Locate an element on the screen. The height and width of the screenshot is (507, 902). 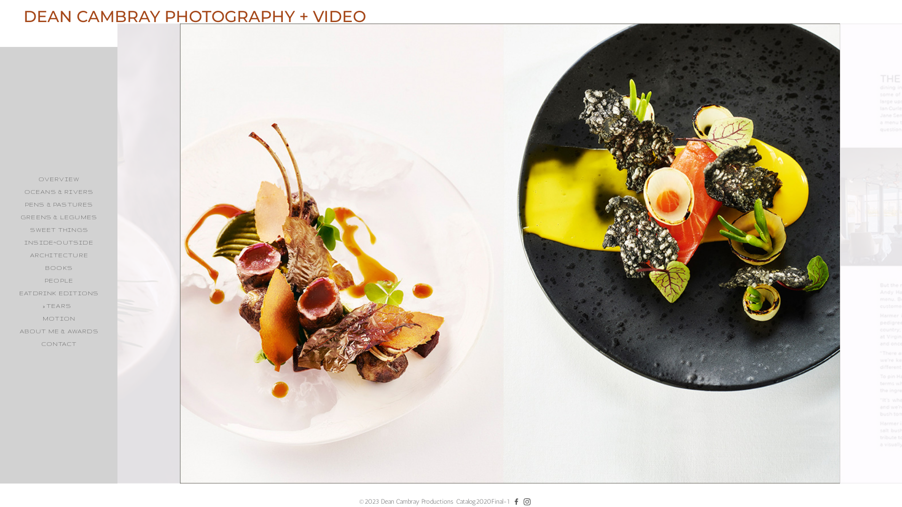
'OCEANS & RIVERS' is located at coordinates (24, 191).